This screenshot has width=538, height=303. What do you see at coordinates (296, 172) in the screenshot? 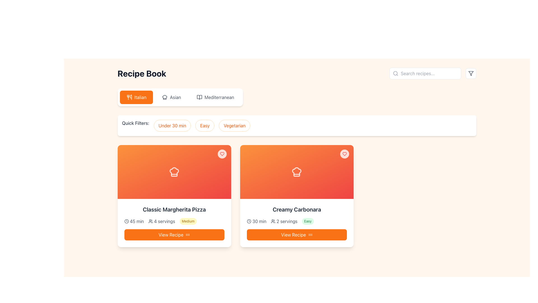
I see `the central icon within the second recipe card from the left, which represents the culinary theme for 'Creamy Carbonara'` at bounding box center [296, 172].